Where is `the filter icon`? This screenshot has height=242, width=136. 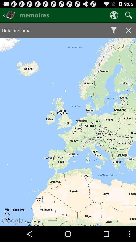 the filter icon is located at coordinates (114, 32).